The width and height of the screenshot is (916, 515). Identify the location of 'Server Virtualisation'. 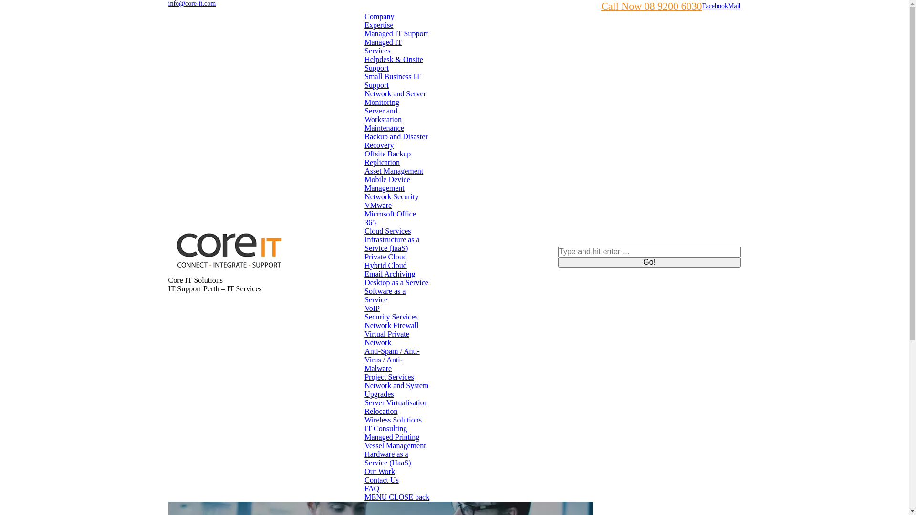
(396, 402).